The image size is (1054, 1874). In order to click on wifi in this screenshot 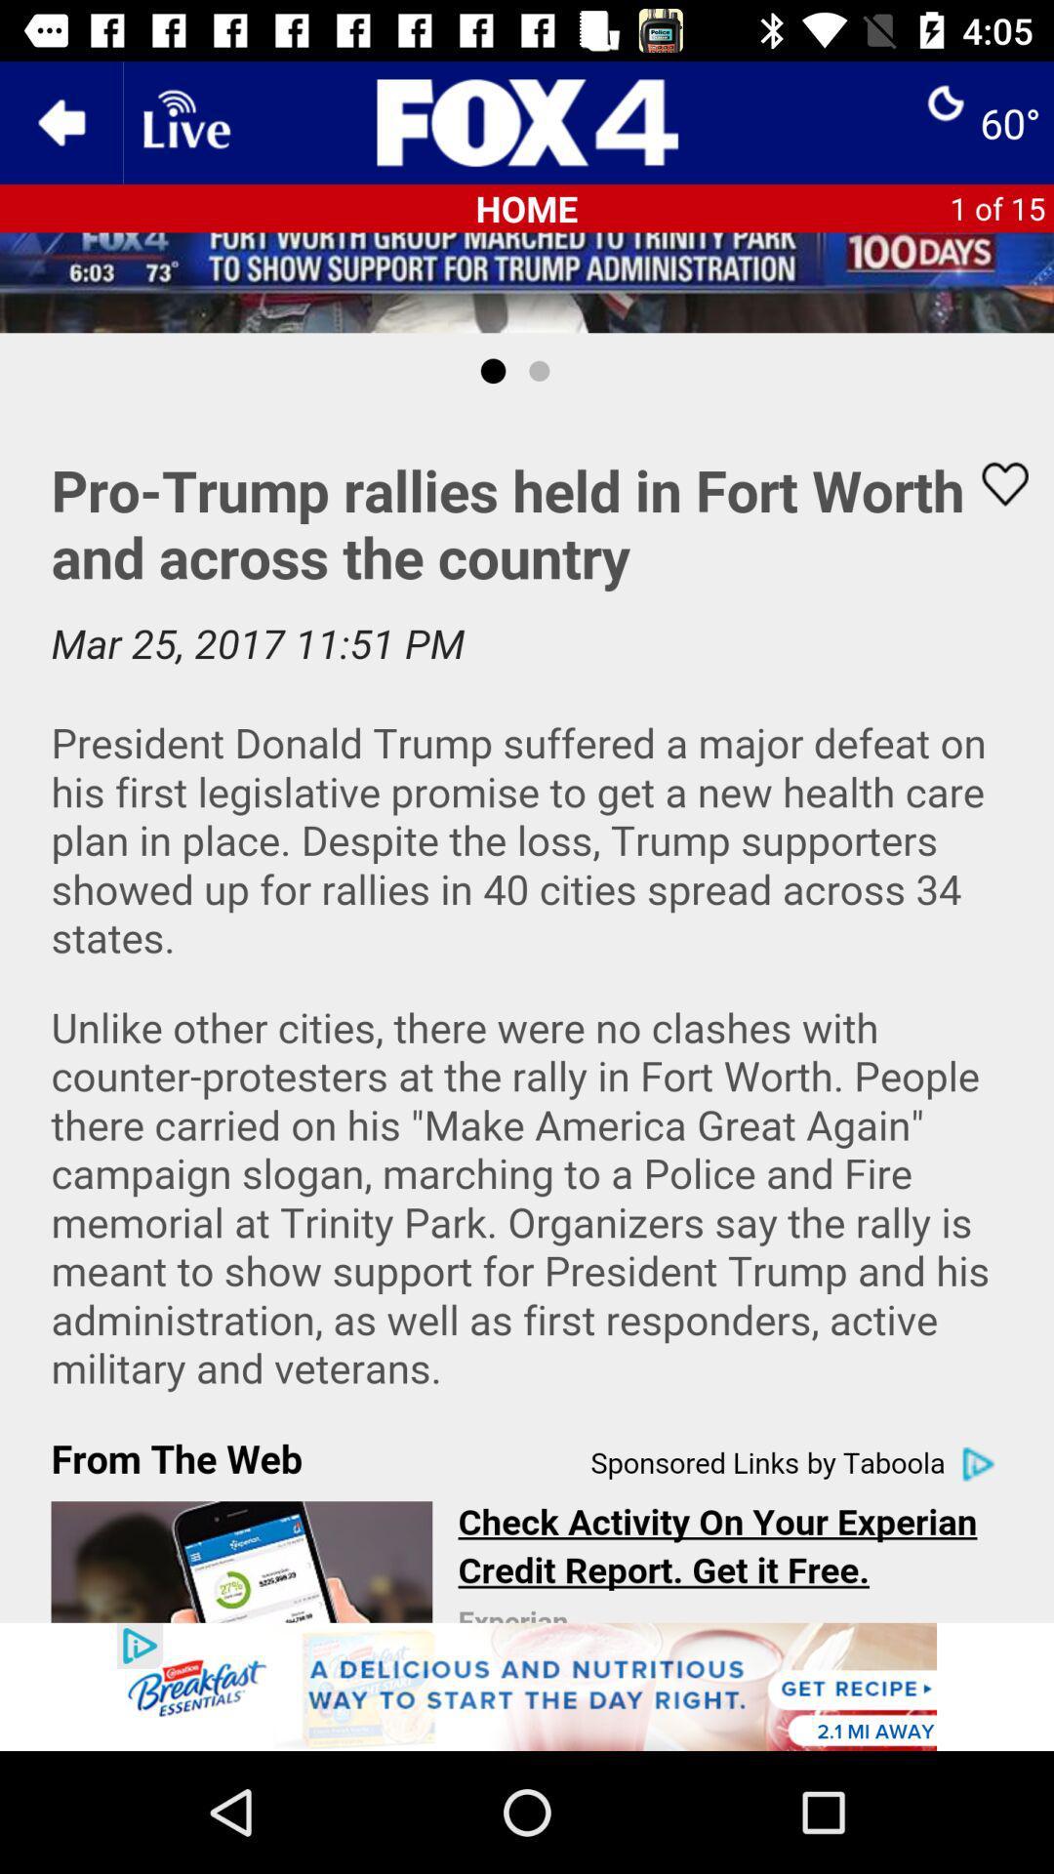, I will do `click(184, 121)`.